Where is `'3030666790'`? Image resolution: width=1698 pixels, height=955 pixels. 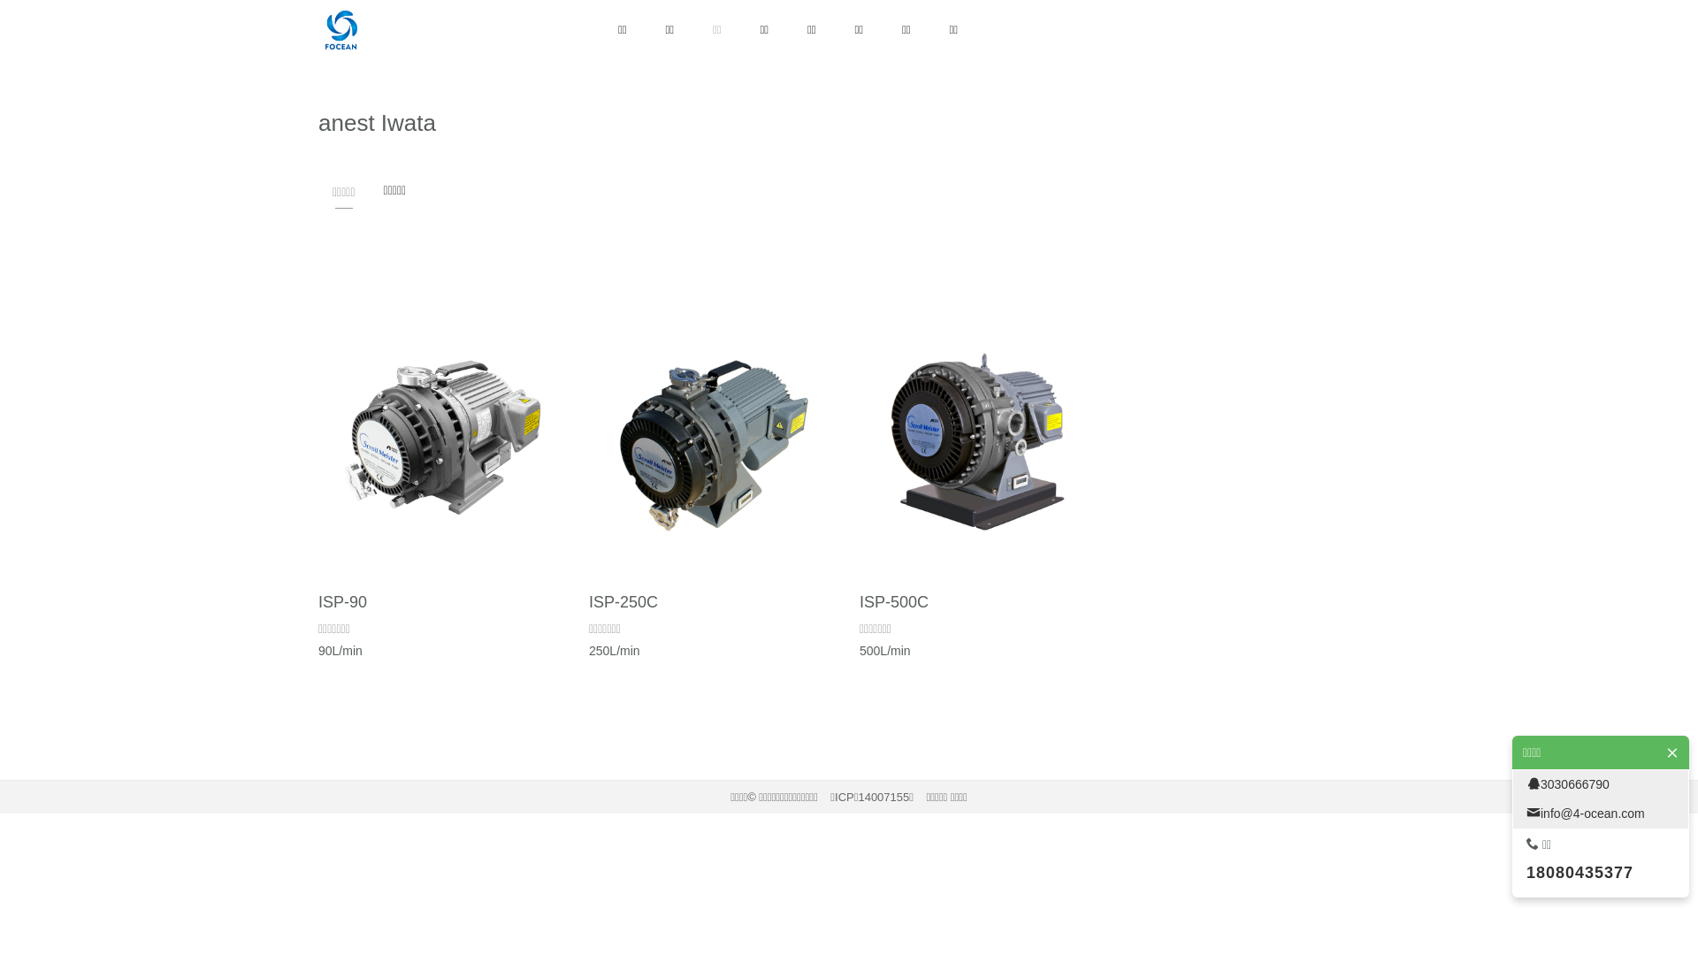 '3030666790' is located at coordinates (1511, 783).